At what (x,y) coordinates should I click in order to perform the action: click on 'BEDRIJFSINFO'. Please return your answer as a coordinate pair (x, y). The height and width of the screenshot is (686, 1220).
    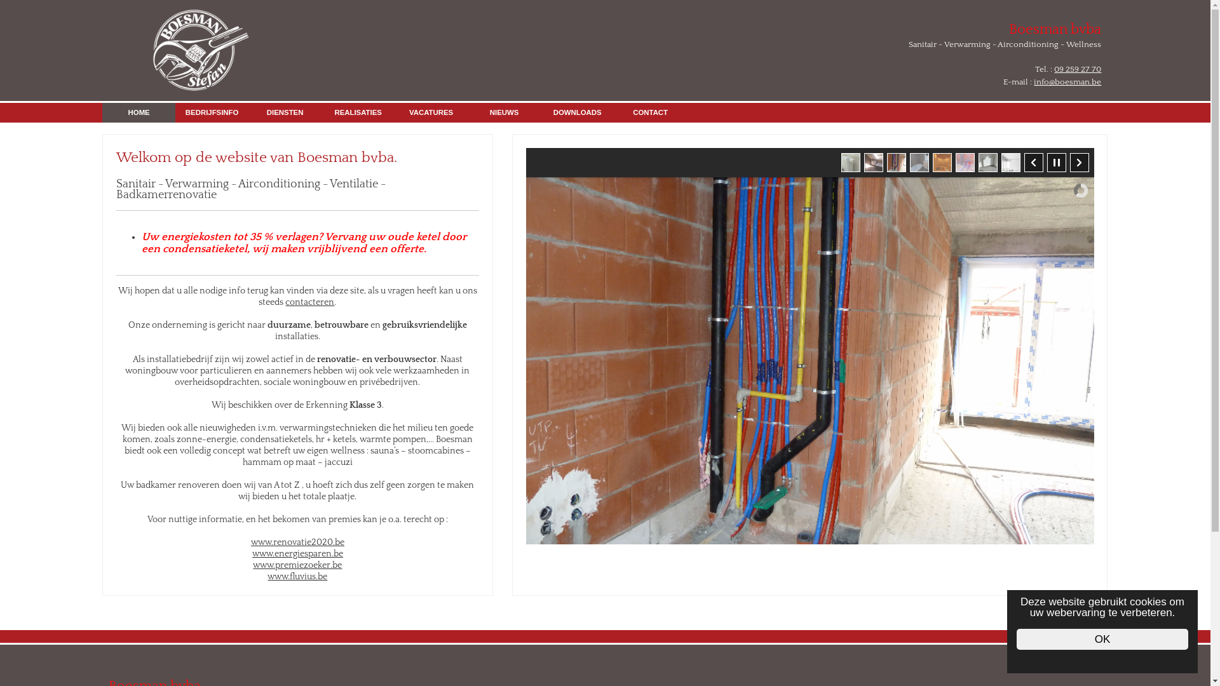
    Looking at the image, I should click on (174, 112).